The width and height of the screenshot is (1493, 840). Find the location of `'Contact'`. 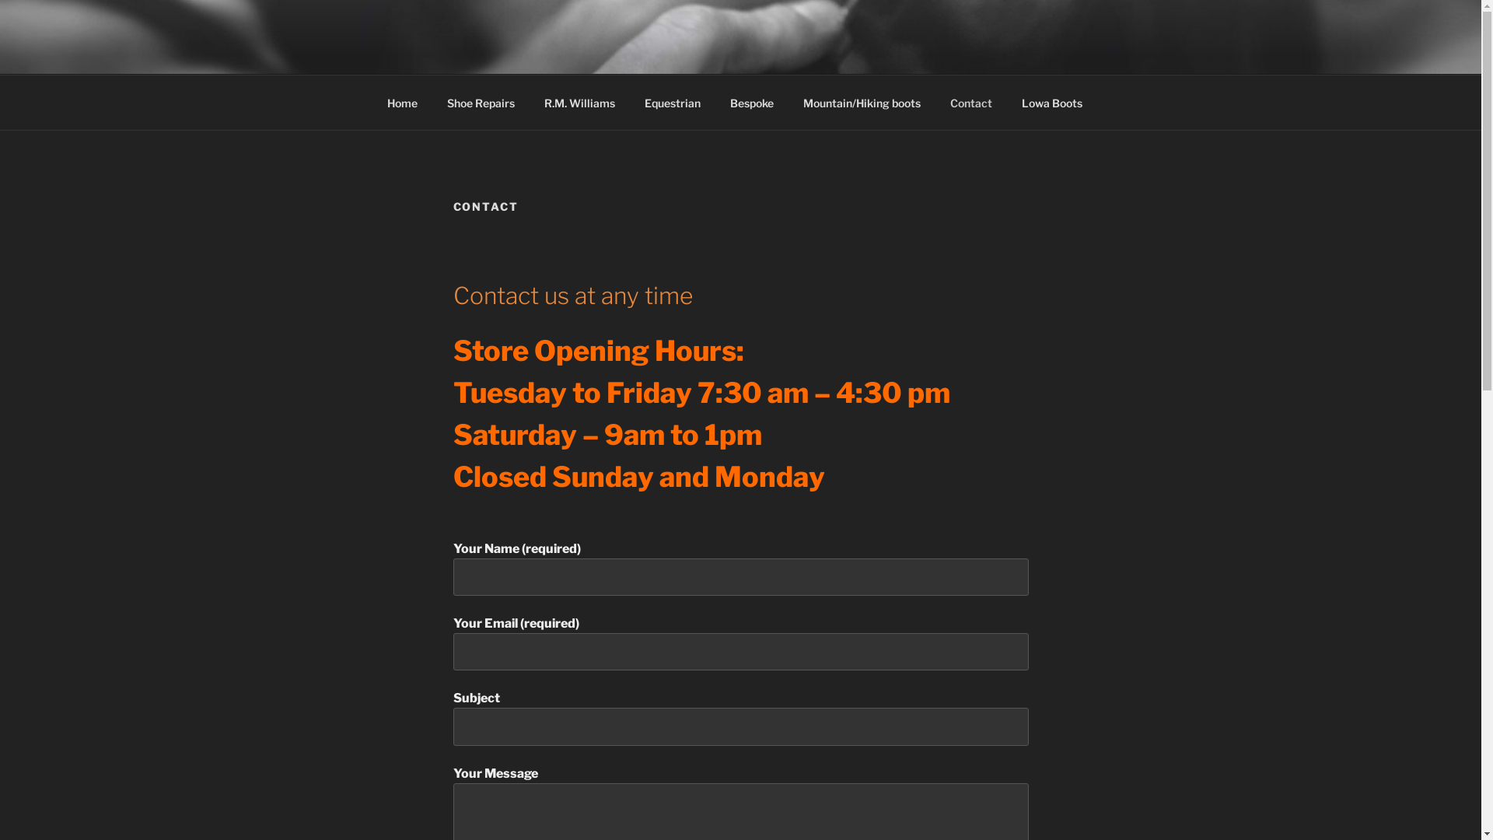

'Contact' is located at coordinates (970, 103).